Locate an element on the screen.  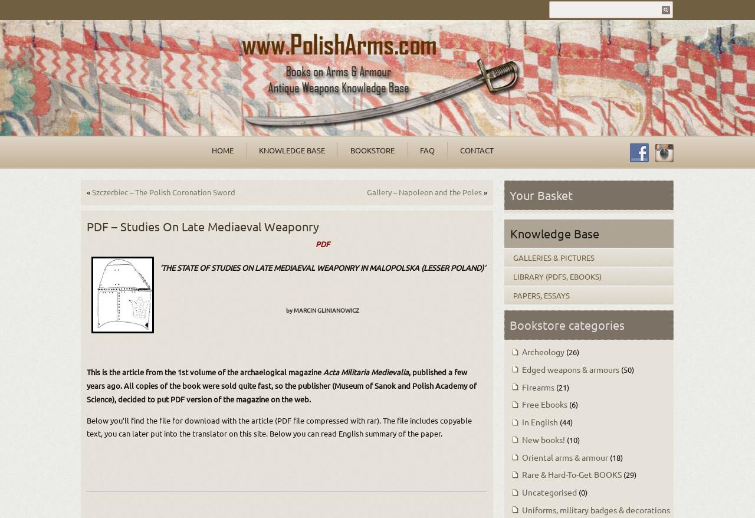
'(18)' is located at coordinates (615, 457).